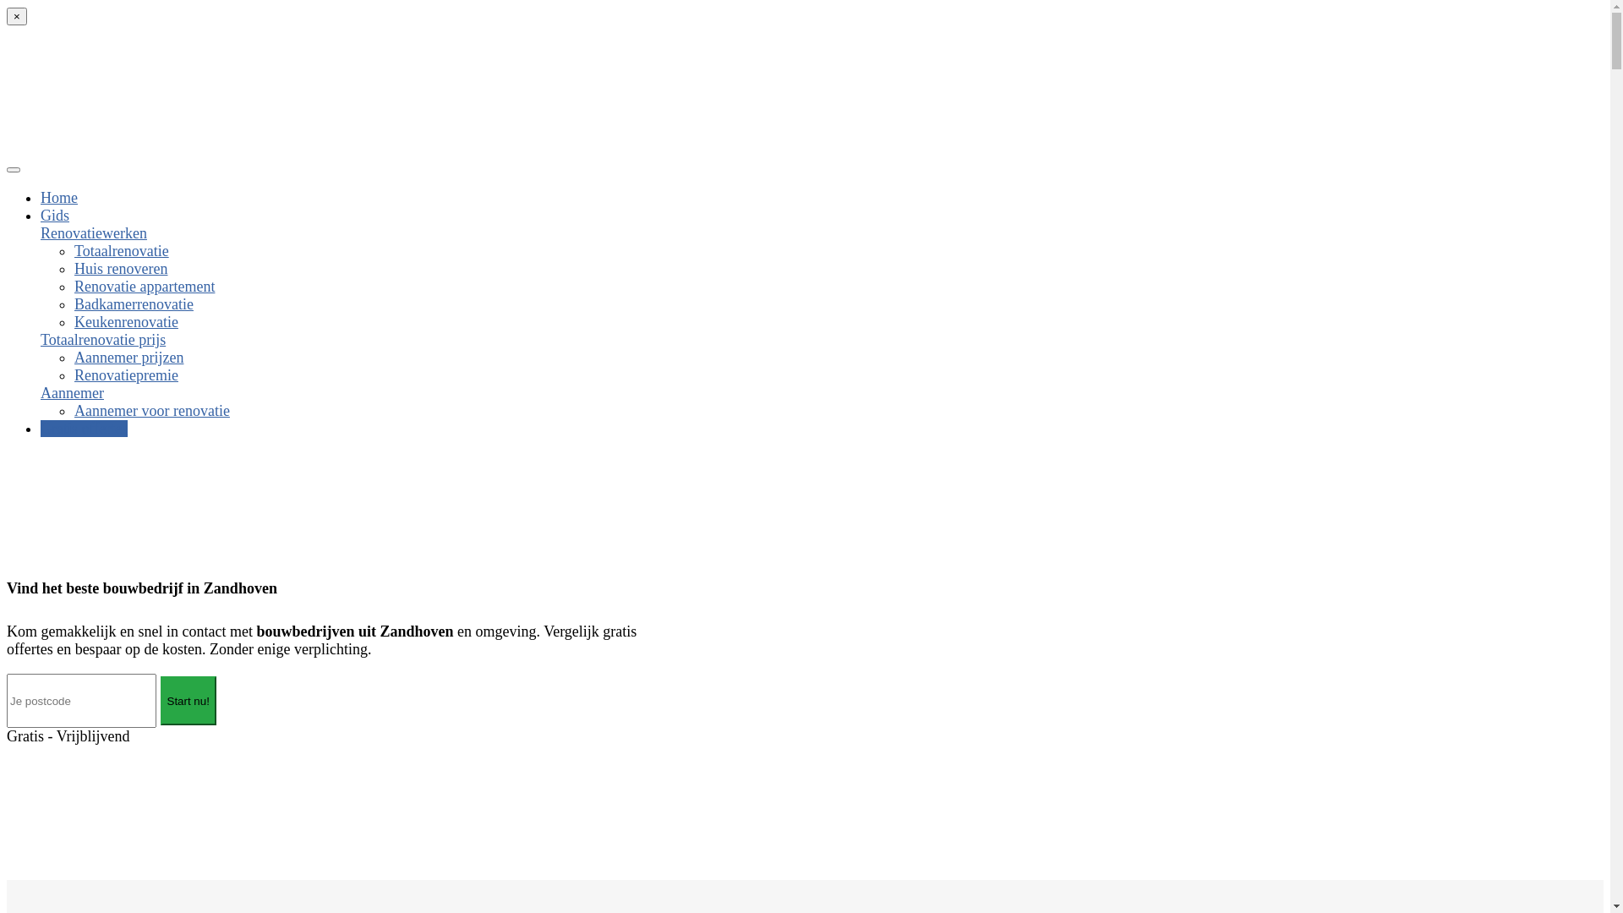 Image resolution: width=1623 pixels, height=913 pixels. Describe the element at coordinates (145, 286) in the screenshot. I see `'Renovatie appartement'` at that location.